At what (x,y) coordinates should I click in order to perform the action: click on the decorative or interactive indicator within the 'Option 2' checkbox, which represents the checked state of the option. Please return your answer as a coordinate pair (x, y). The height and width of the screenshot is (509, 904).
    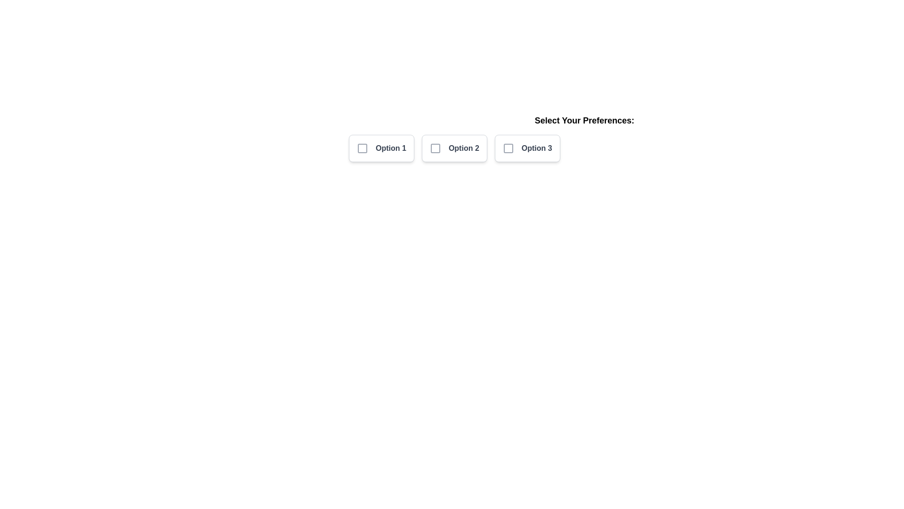
    Looking at the image, I should click on (435, 148).